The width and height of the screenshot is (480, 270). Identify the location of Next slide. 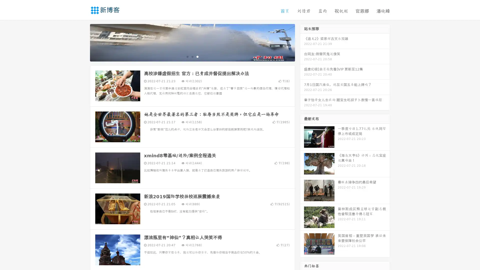
(302, 42).